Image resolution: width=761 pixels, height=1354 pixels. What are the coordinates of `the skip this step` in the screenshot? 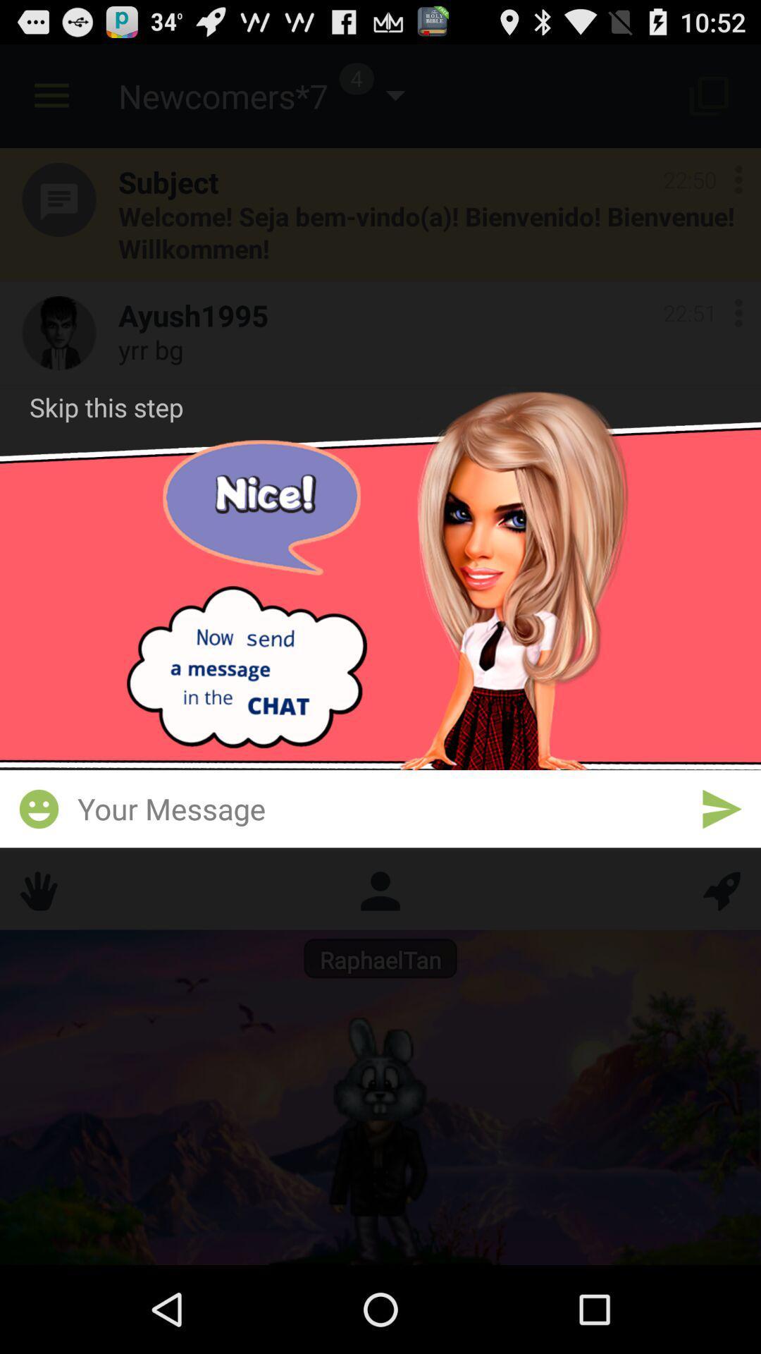 It's located at (106, 406).